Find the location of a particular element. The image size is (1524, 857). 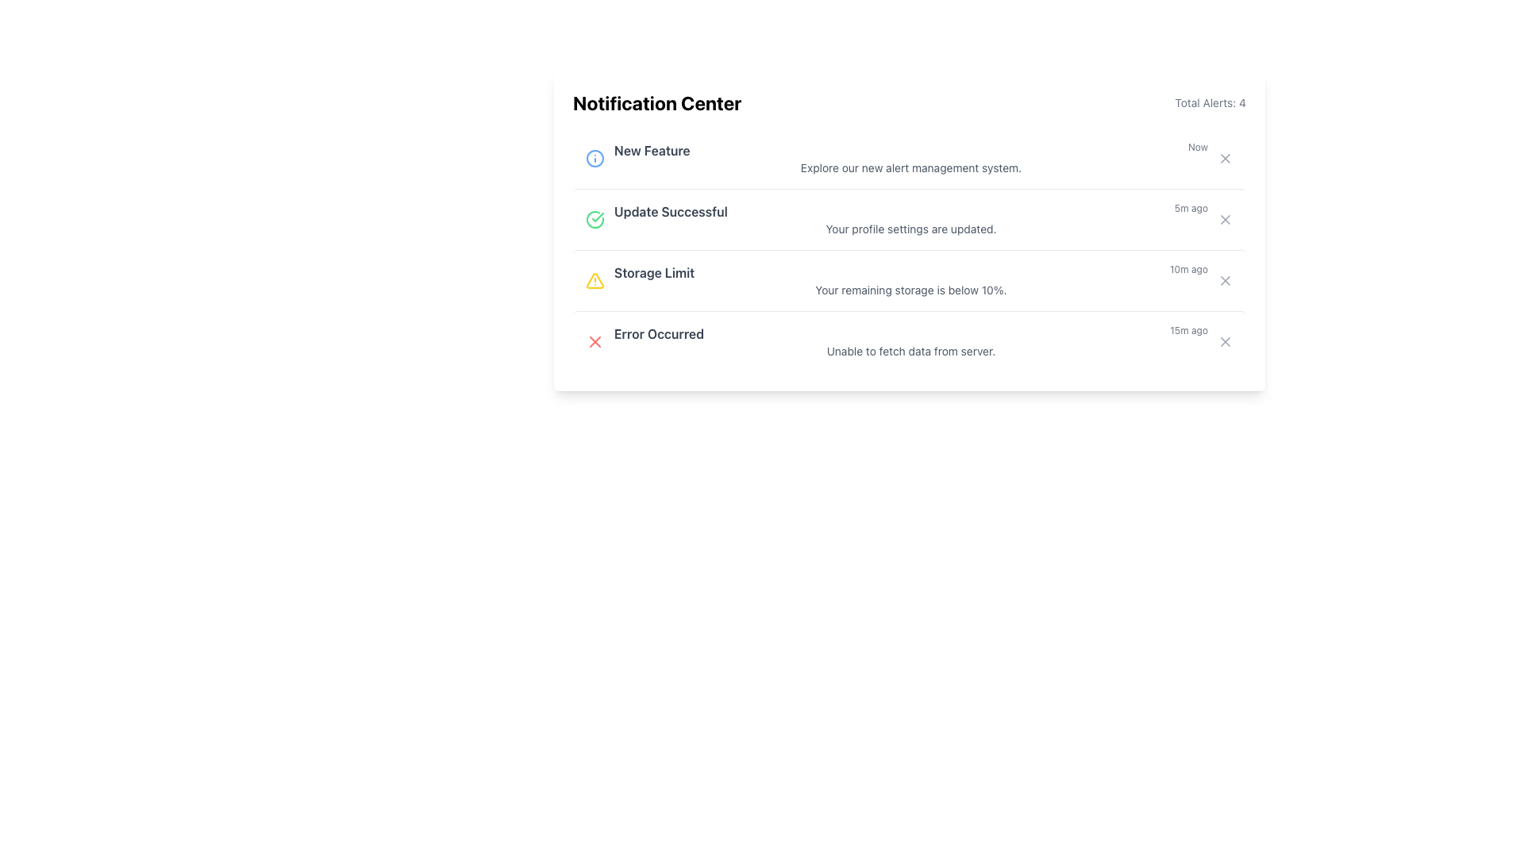

the alert icon located at the top-left corner of the first notification item, next to the bolded text 'New Feature' is located at coordinates (594, 159).